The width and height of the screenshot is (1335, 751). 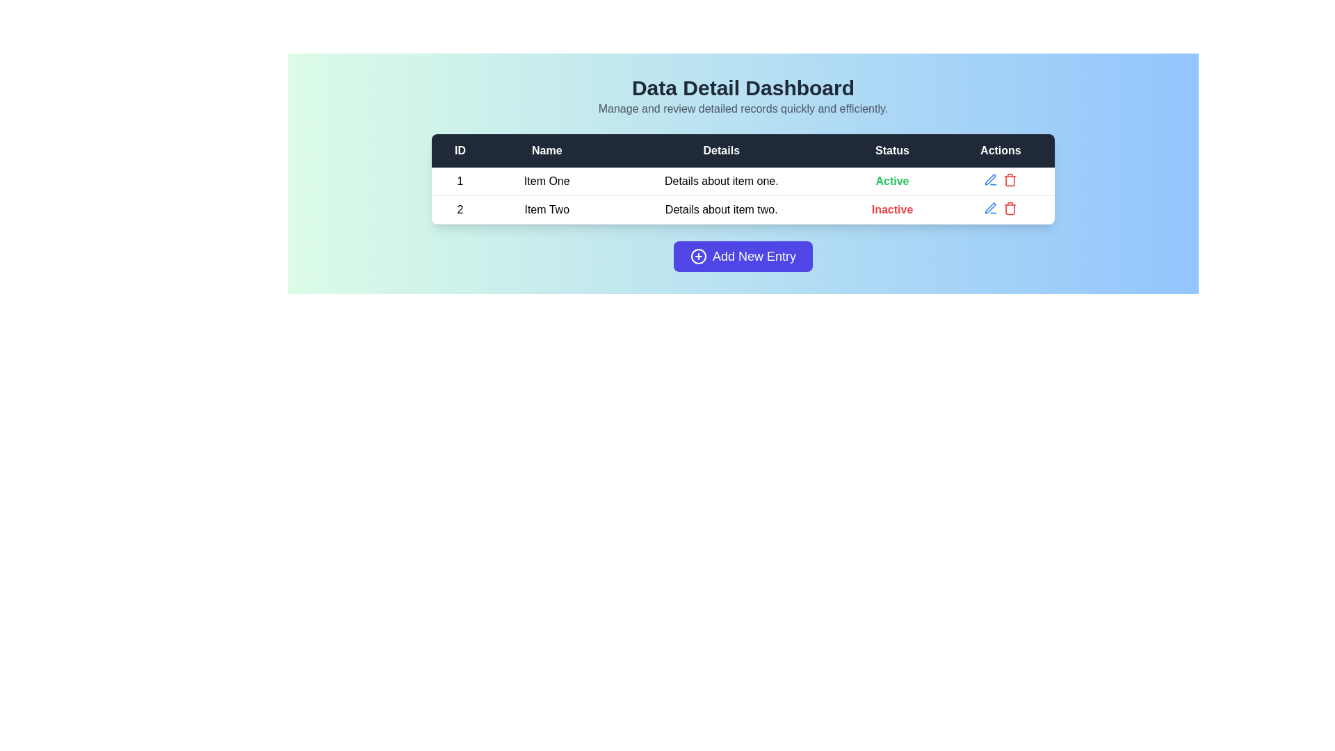 I want to click on the header cell labeled 'ID' which is styled in white on a dark background, so click(x=460, y=150).